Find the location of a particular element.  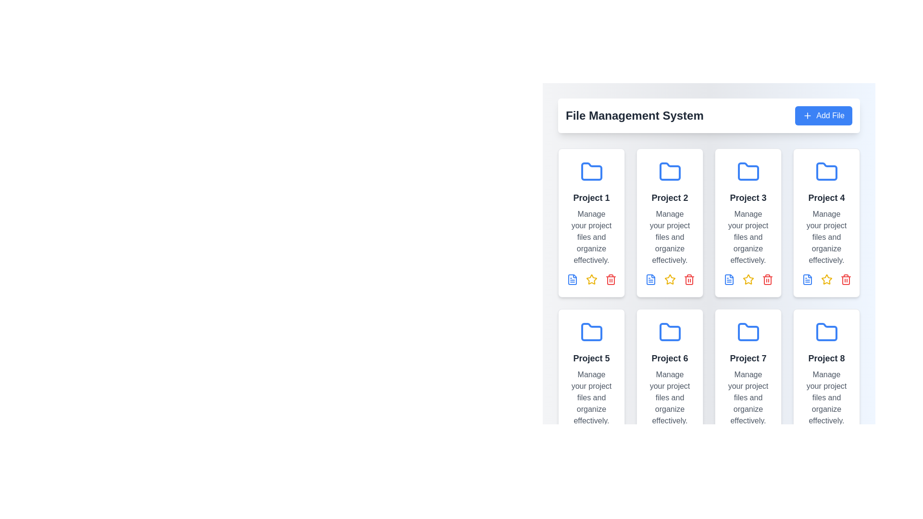

the blue folder SVG icon located in the eighth card of the grid, positioned above the text 'Project 8' and adjacent to the description 'Manage your project files and organize effectively.' is located at coordinates (826, 332).